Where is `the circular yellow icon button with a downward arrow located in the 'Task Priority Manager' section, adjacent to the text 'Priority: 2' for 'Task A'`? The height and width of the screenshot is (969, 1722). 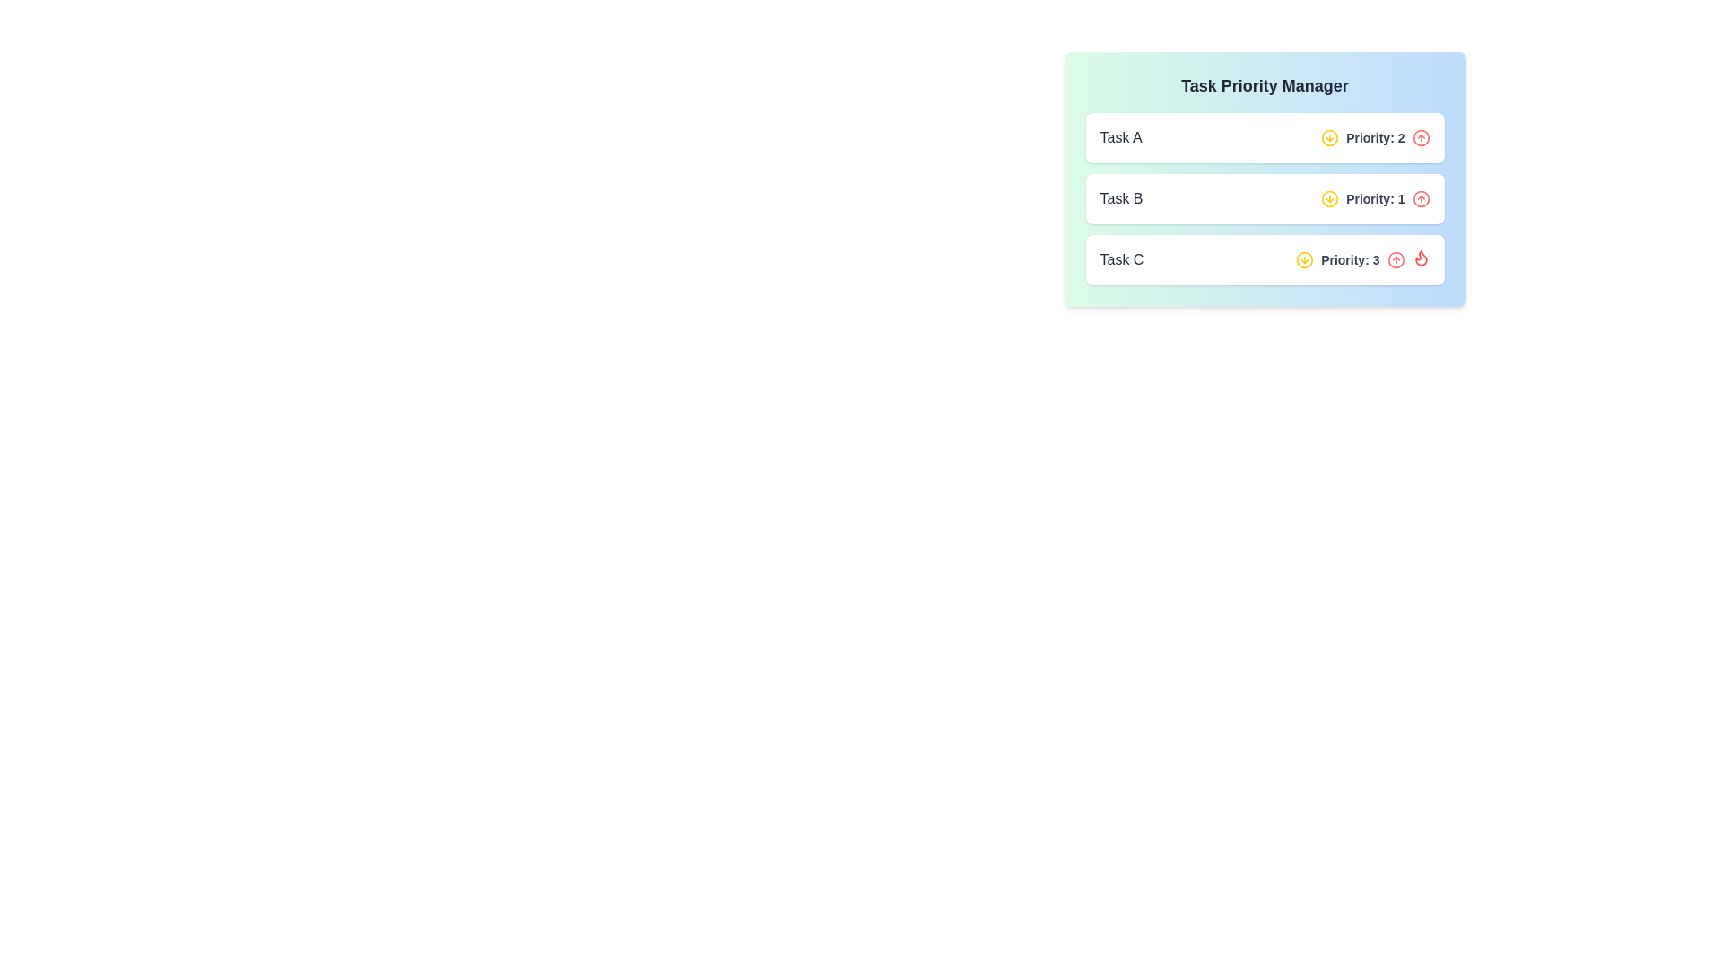
the circular yellow icon button with a downward arrow located in the 'Task Priority Manager' section, adjacent to the text 'Priority: 2' for 'Task A' is located at coordinates (1330, 137).